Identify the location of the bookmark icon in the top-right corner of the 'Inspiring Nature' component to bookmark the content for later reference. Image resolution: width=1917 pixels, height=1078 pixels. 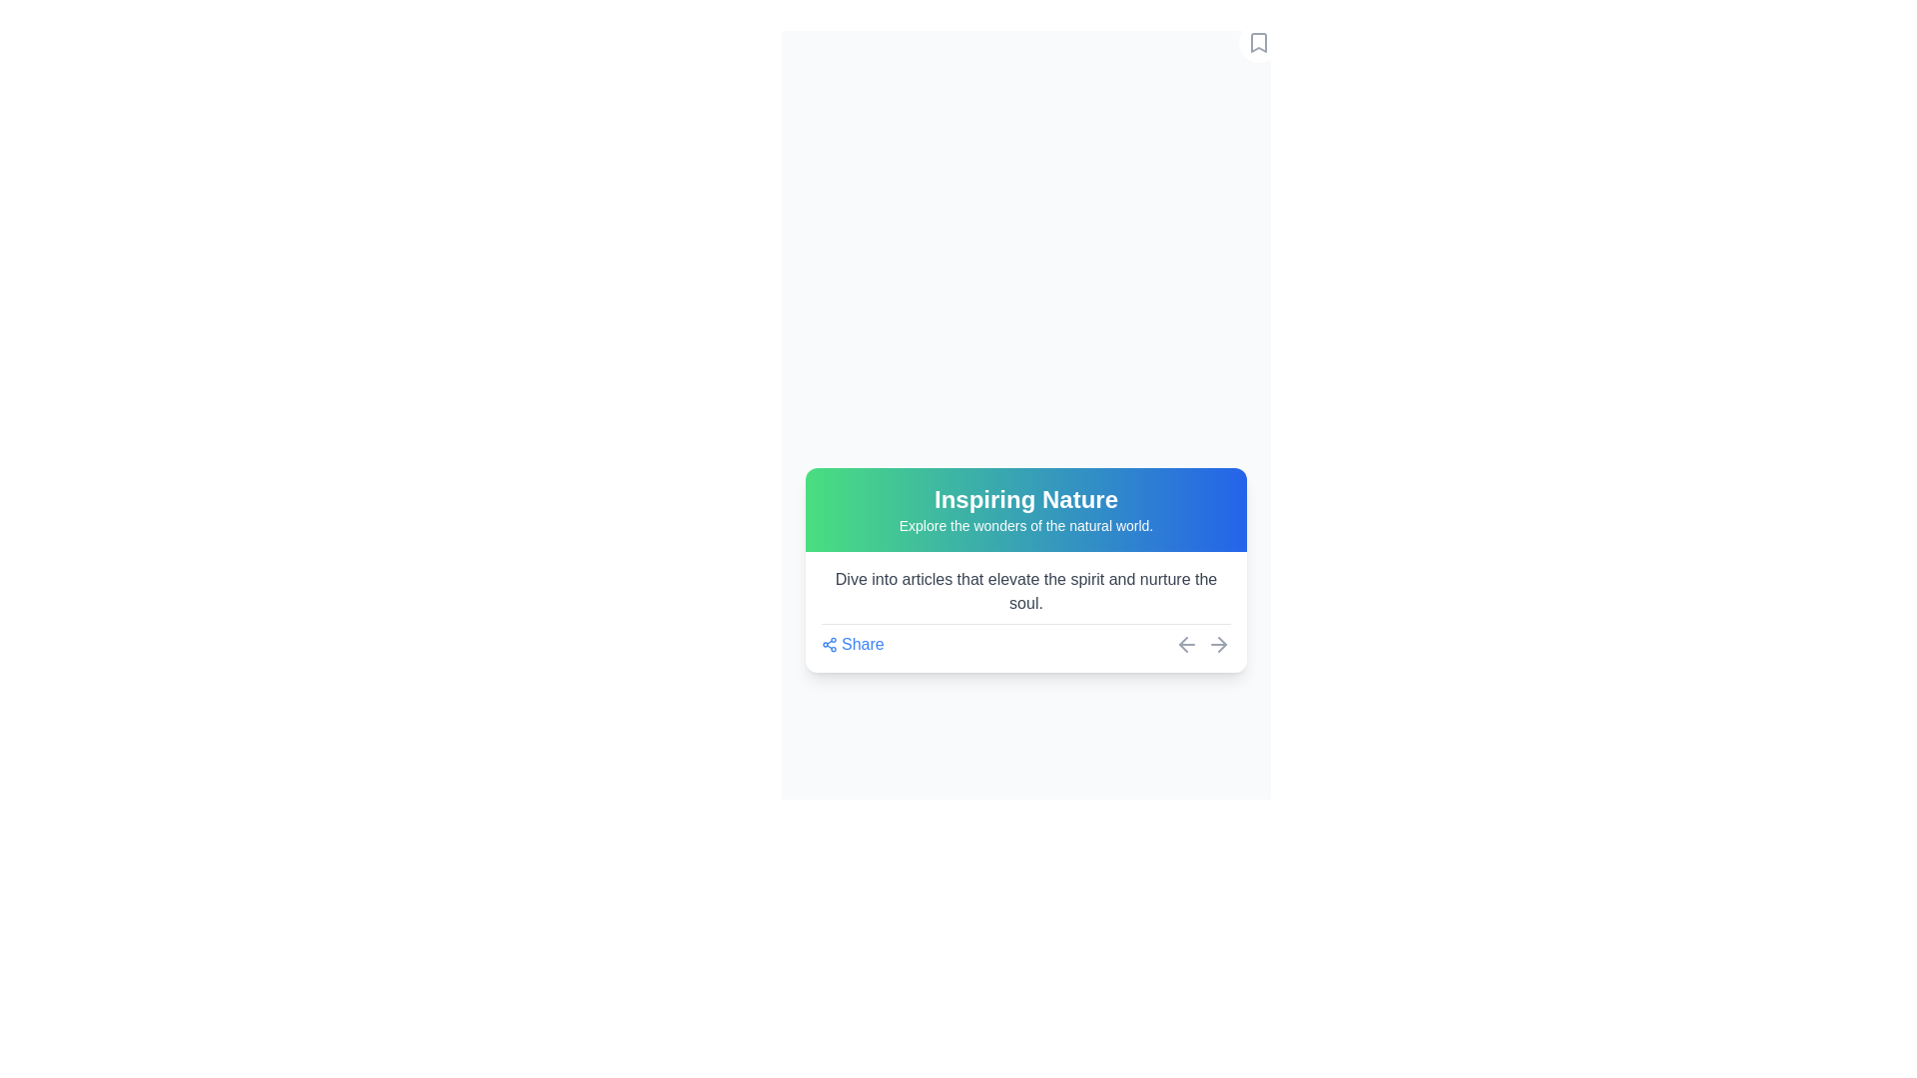
(1258, 42).